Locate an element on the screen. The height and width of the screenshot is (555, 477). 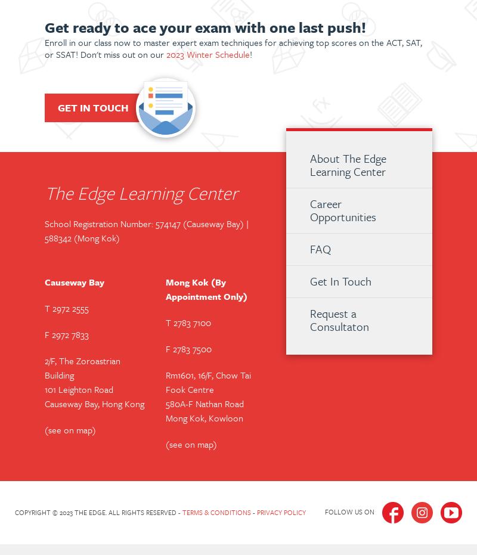
'T 2972 2555' is located at coordinates (66, 308).